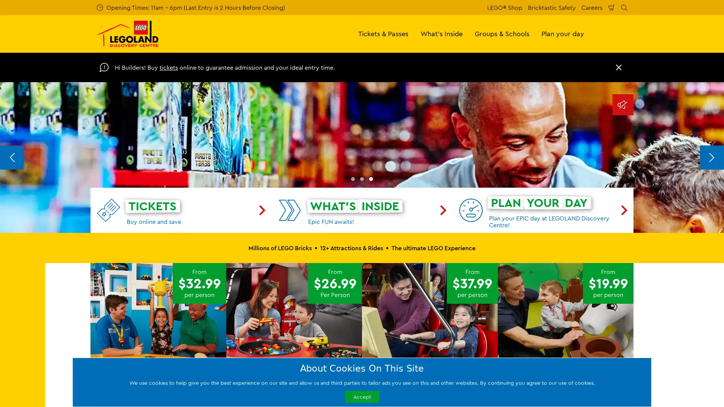 The height and width of the screenshot is (407, 724). What do you see at coordinates (502, 33) in the screenshot?
I see `Groups & Schools` at bounding box center [502, 33].